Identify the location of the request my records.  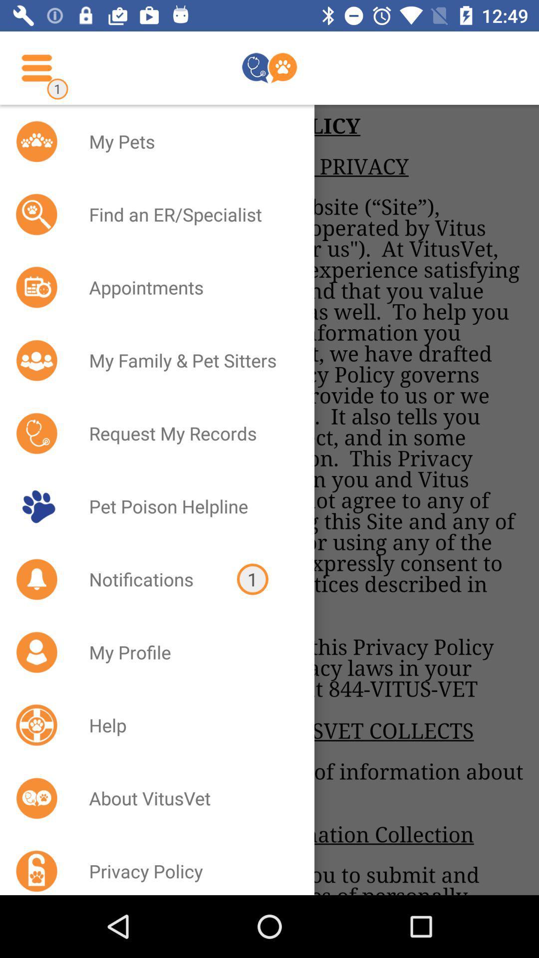
(189, 433).